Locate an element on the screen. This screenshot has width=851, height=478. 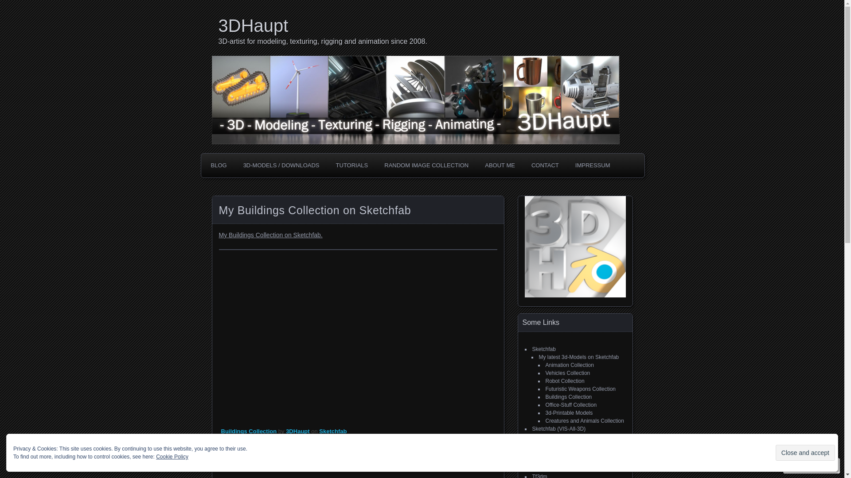
'3D-MODELS / DOWNLOADS' is located at coordinates (281, 166).